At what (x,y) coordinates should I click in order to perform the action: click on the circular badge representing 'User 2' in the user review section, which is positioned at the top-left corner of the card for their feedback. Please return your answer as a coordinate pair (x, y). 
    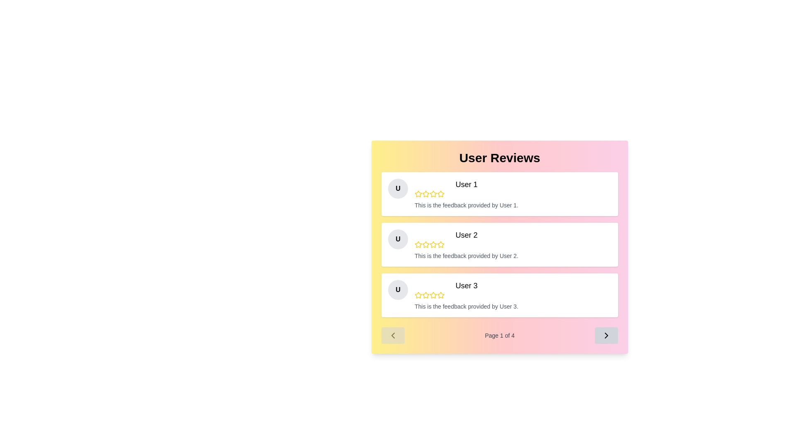
    Looking at the image, I should click on (398, 239).